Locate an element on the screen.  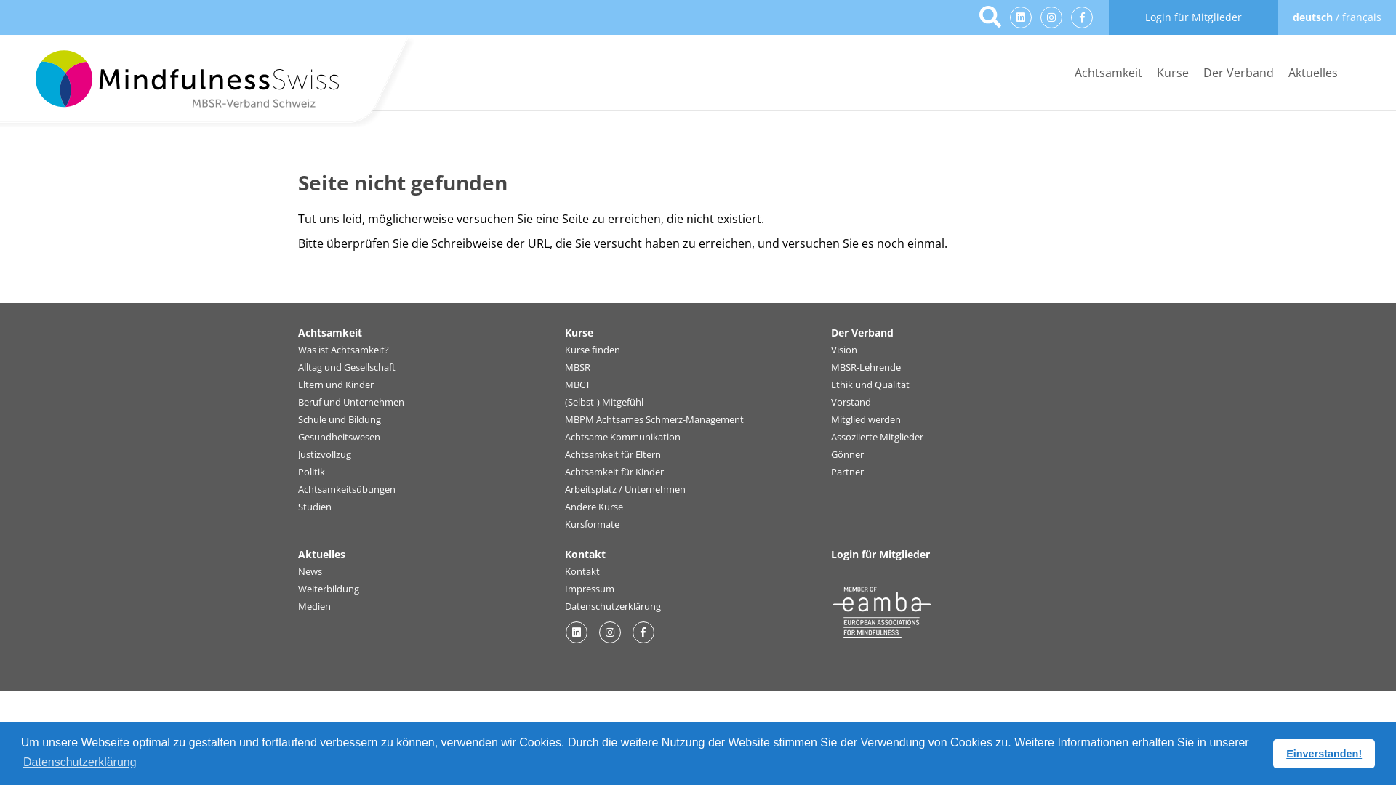
'Partner' is located at coordinates (847, 472).